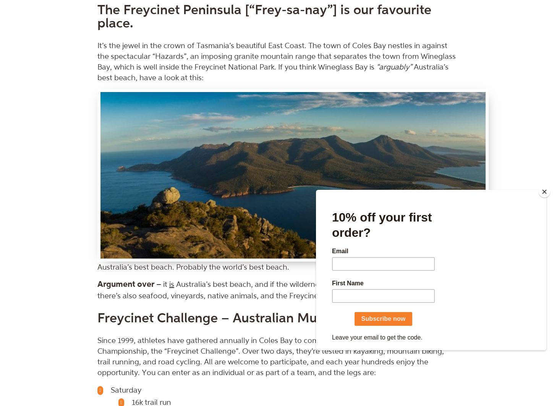 This screenshot has width=554, height=406. Describe the element at coordinates (166, 283) in the screenshot. I see `'it'` at that location.